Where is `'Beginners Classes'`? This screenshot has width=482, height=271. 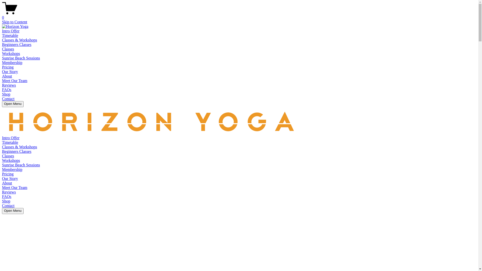 'Beginners Classes' is located at coordinates (2, 151).